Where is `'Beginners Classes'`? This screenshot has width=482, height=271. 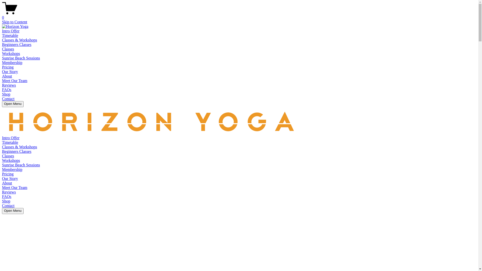 'Beginners Classes' is located at coordinates (2, 151).